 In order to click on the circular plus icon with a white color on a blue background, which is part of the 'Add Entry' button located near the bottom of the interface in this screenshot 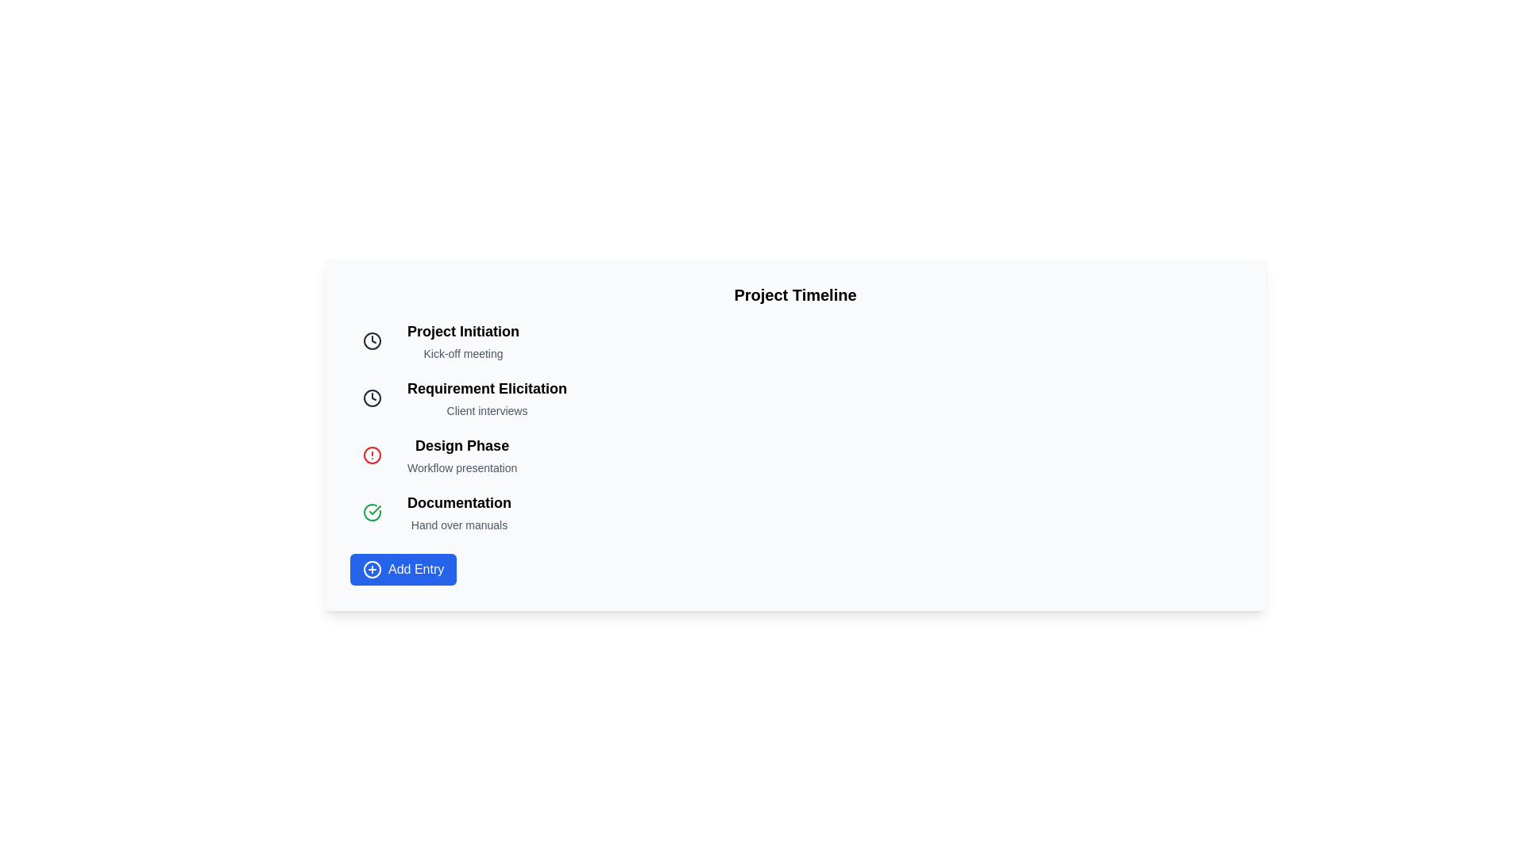, I will do `click(372, 568)`.